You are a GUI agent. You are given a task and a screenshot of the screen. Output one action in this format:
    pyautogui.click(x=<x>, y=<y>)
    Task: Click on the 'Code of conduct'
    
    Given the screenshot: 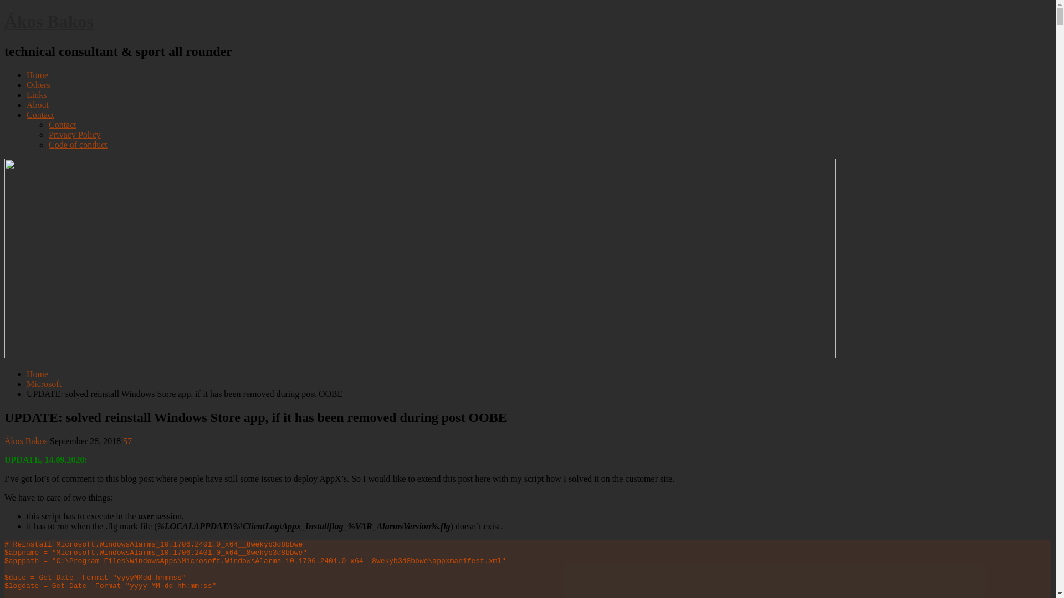 What is the action you would take?
    pyautogui.click(x=48, y=144)
    